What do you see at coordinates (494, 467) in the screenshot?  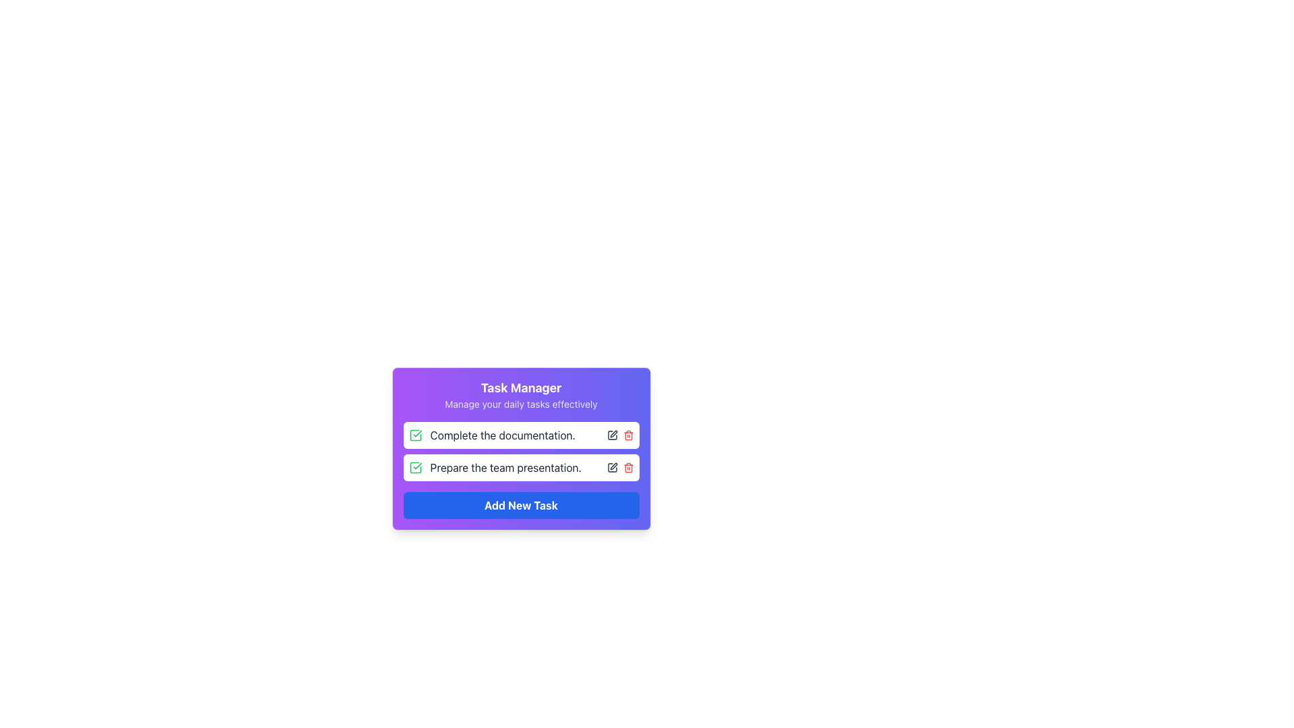 I see `the 'Prepare the team presentation.' text label in the task manager UI` at bounding box center [494, 467].